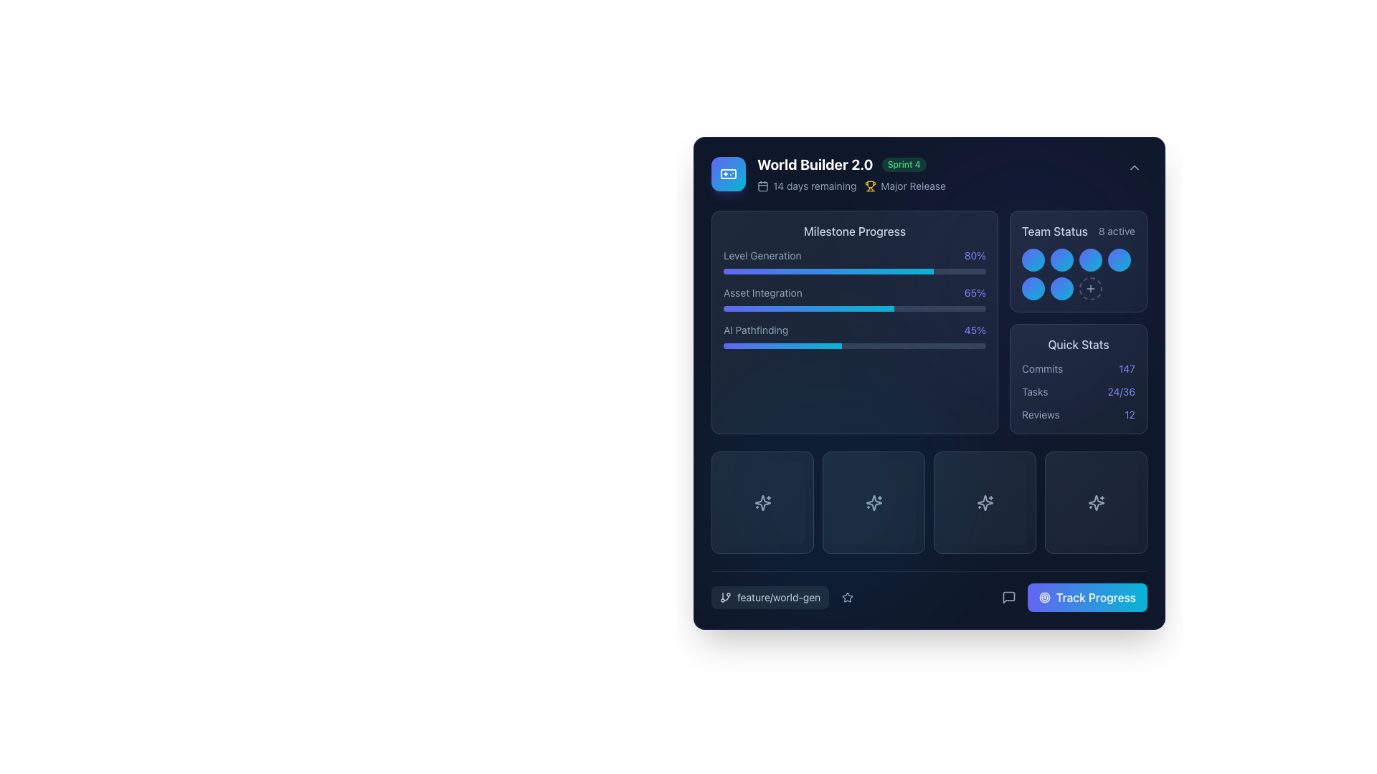  I want to click on the downward-facing chevron icon in the upper-right corner of the dashboard interface, so click(1134, 167).